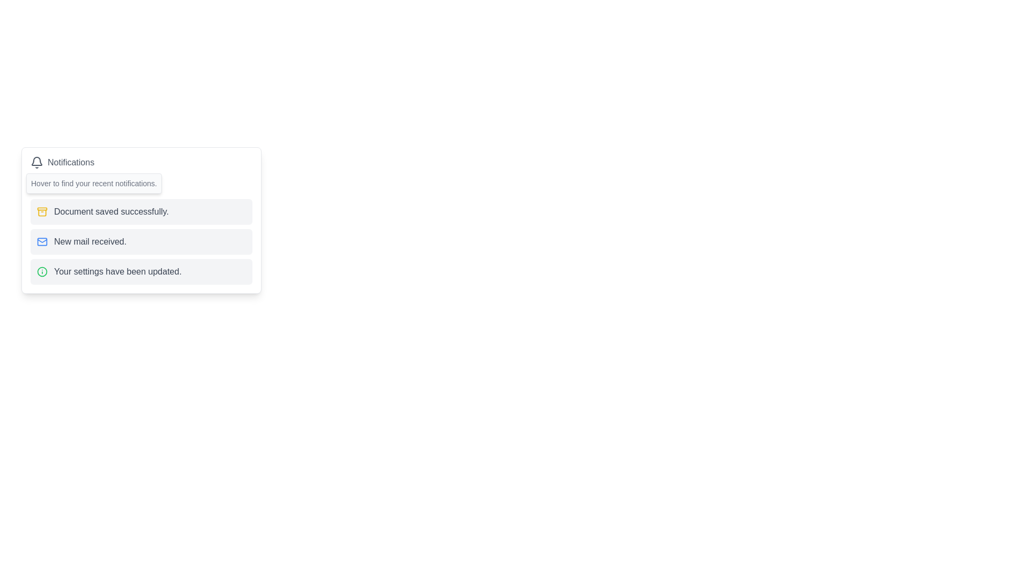 This screenshot has width=1029, height=578. I want to click on the envelope icon with a blue outline located on the left side of the notification item that reads 'New mail received.', so click(42, 241).